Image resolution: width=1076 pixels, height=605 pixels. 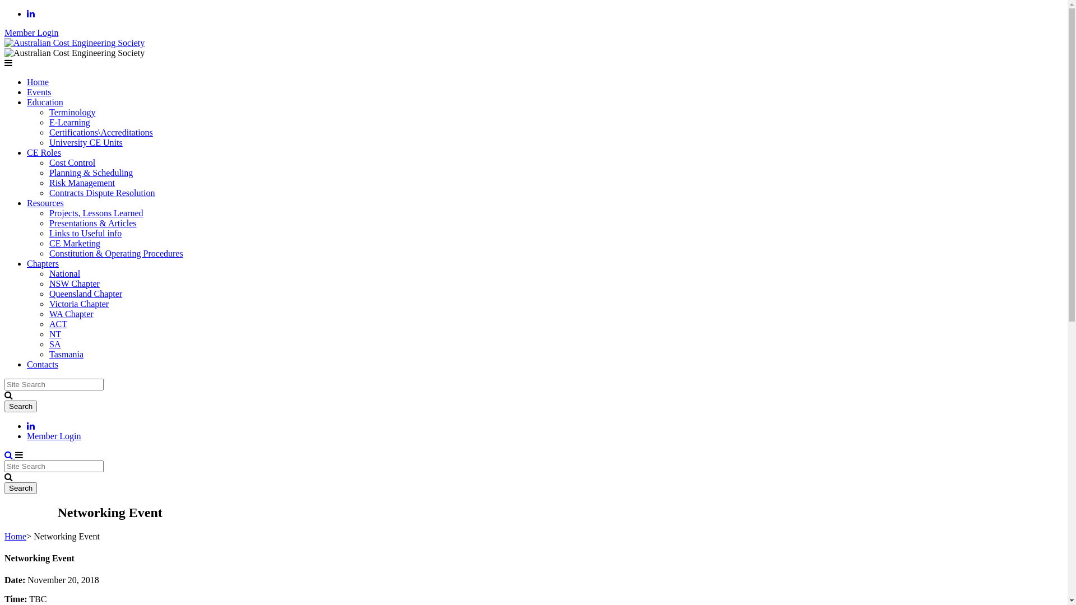 I want to click on 'E-Learning', so click(x=48, y=122).